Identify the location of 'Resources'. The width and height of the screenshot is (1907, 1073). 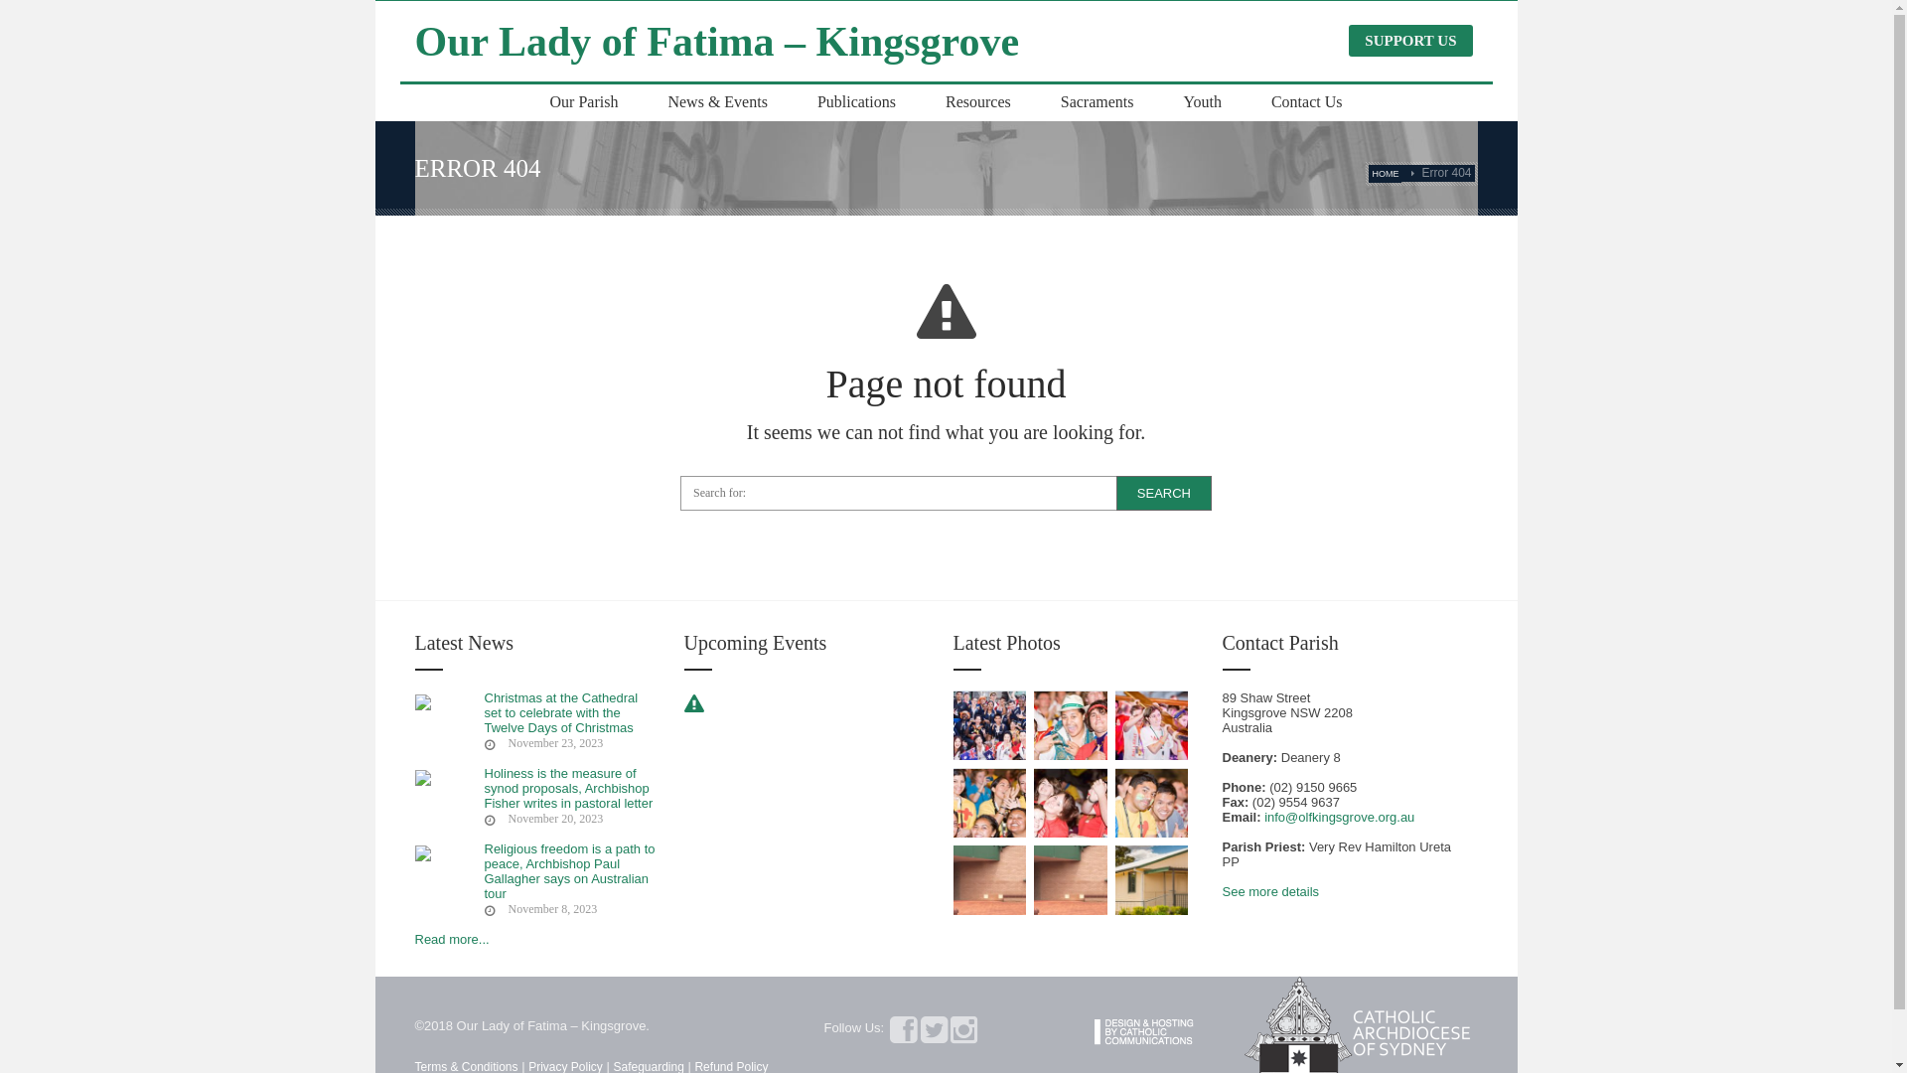
(977, 102).